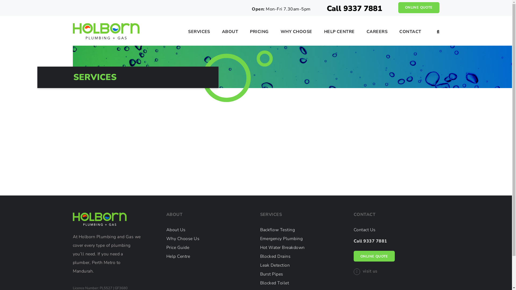  Describe the element at coordinates (282, 247) in the screenshot. I see `'Hot Water Breakdown'` at that location.